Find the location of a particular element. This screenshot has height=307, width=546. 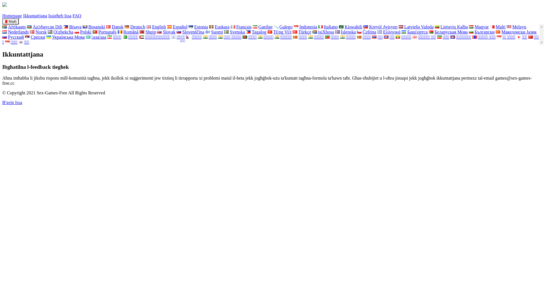

'Slovak' is located at coordinates (166, 32).